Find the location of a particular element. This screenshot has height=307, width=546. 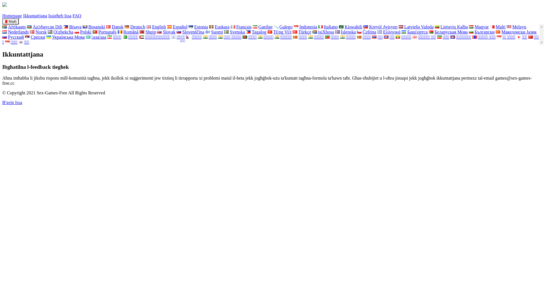

'Slovak' is located at coordinates (166, 32).